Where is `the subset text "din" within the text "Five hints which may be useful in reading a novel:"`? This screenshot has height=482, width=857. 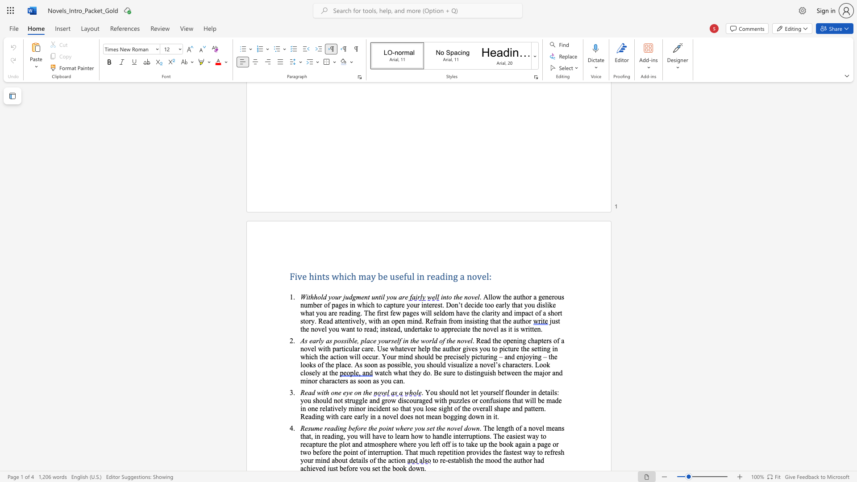
the subset text "din" within the text "Five hints which may be useful in reading a novel:" is located at coordinates (440, 276).